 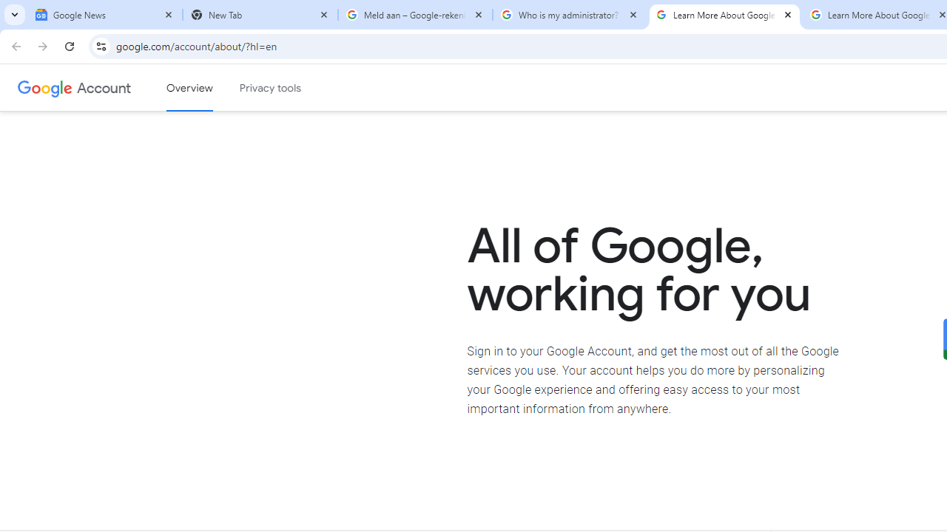 I want to click on 'Google logo', so click(x=45, y=87).